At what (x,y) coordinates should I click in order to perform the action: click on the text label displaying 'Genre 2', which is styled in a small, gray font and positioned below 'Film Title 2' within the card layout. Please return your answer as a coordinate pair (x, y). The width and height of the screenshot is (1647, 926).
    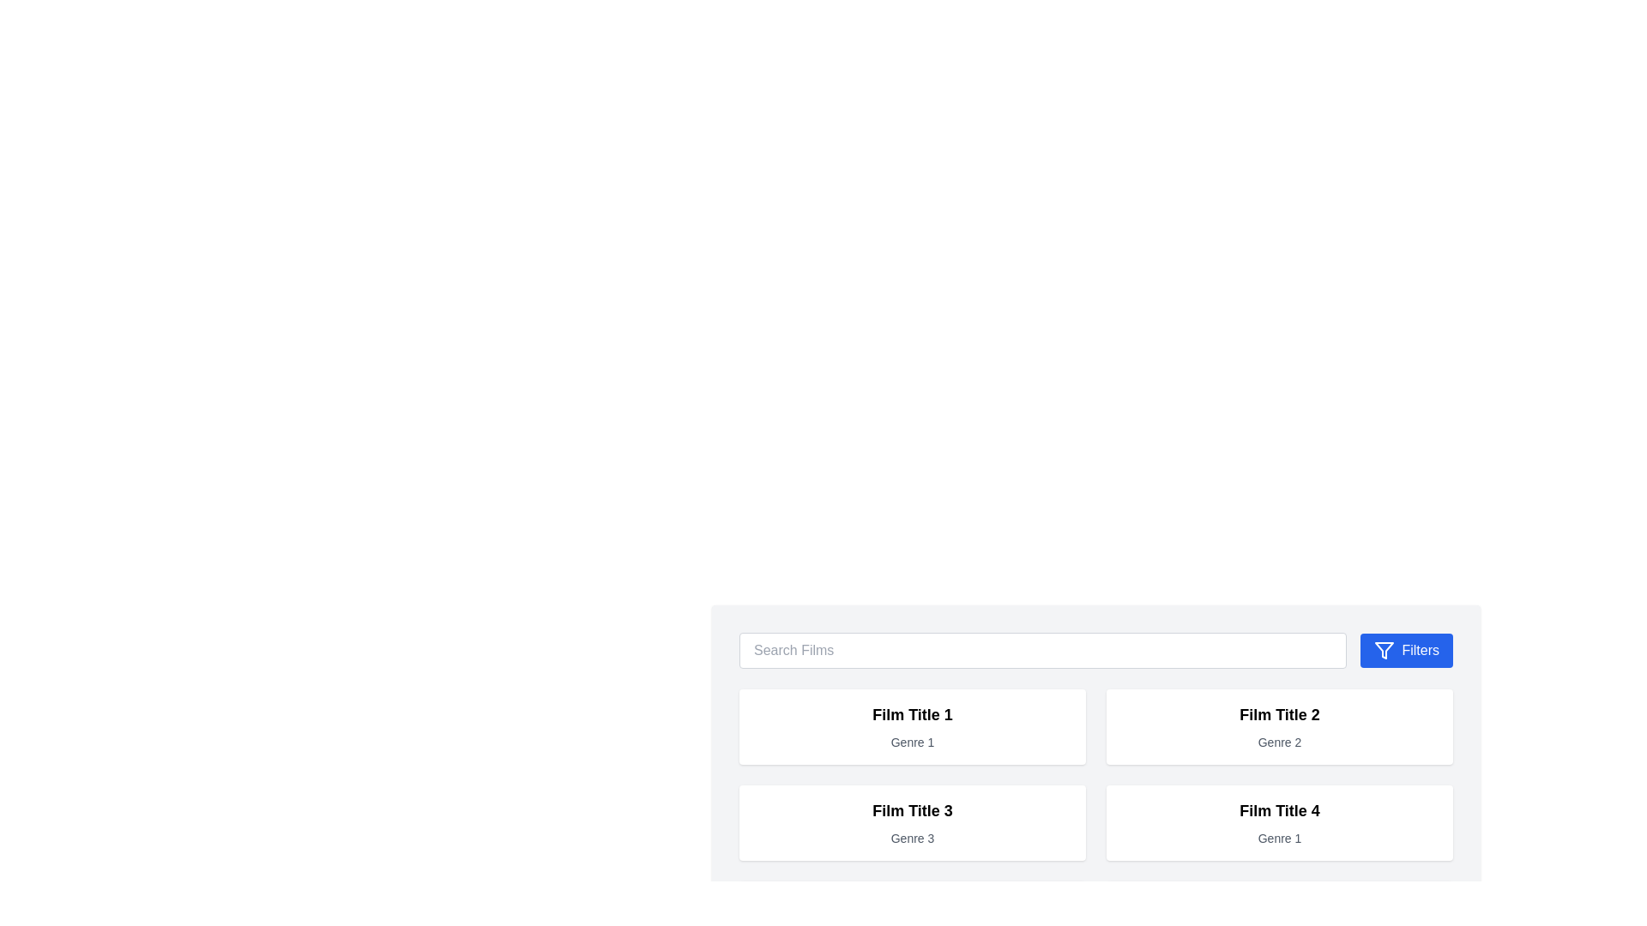
    Looking at the image, I should click on (1280, 742).